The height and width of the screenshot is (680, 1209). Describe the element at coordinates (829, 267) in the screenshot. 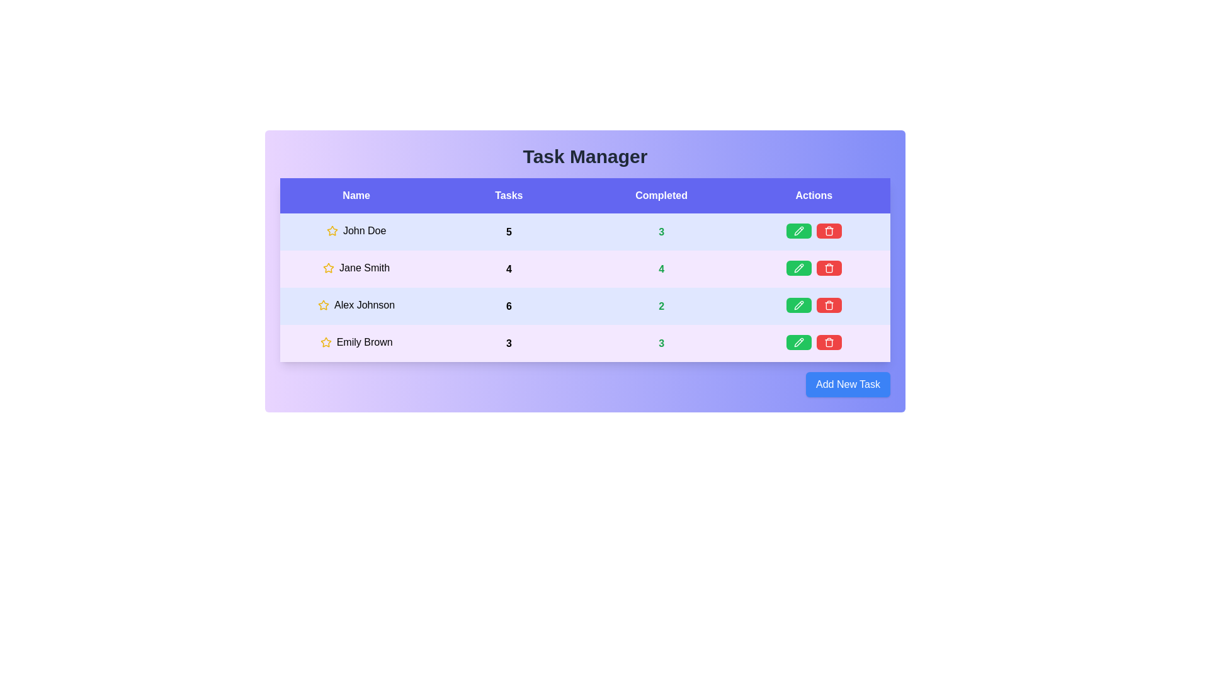

I see `red trash icon to delete the task for Jane Smith` at that location.